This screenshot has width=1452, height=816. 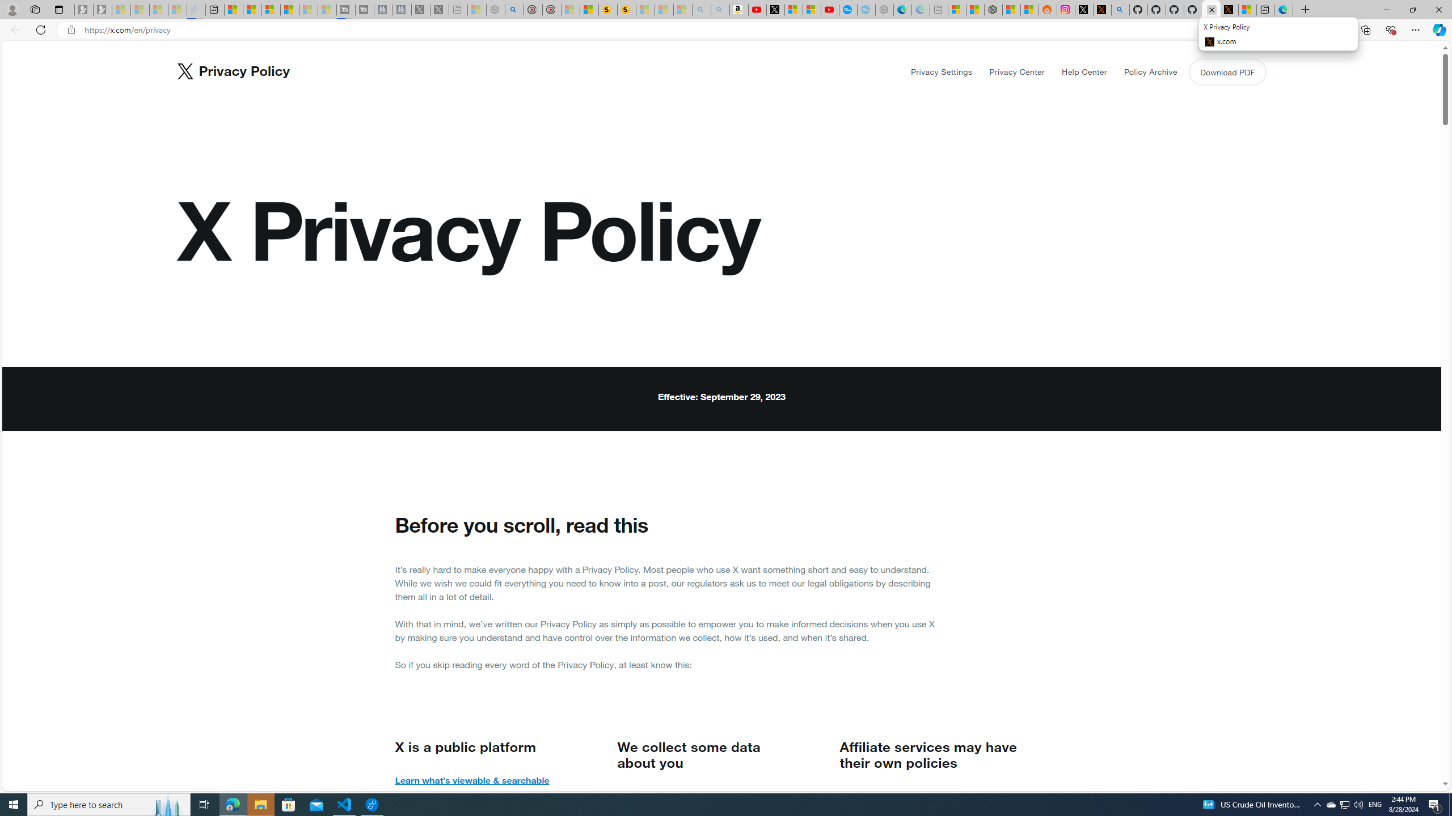 What do you see at coordinates (476, 9) in the screenshot?
I see `'Wildlife - MSN - Sleeping'` at bounding box center [476, 9].